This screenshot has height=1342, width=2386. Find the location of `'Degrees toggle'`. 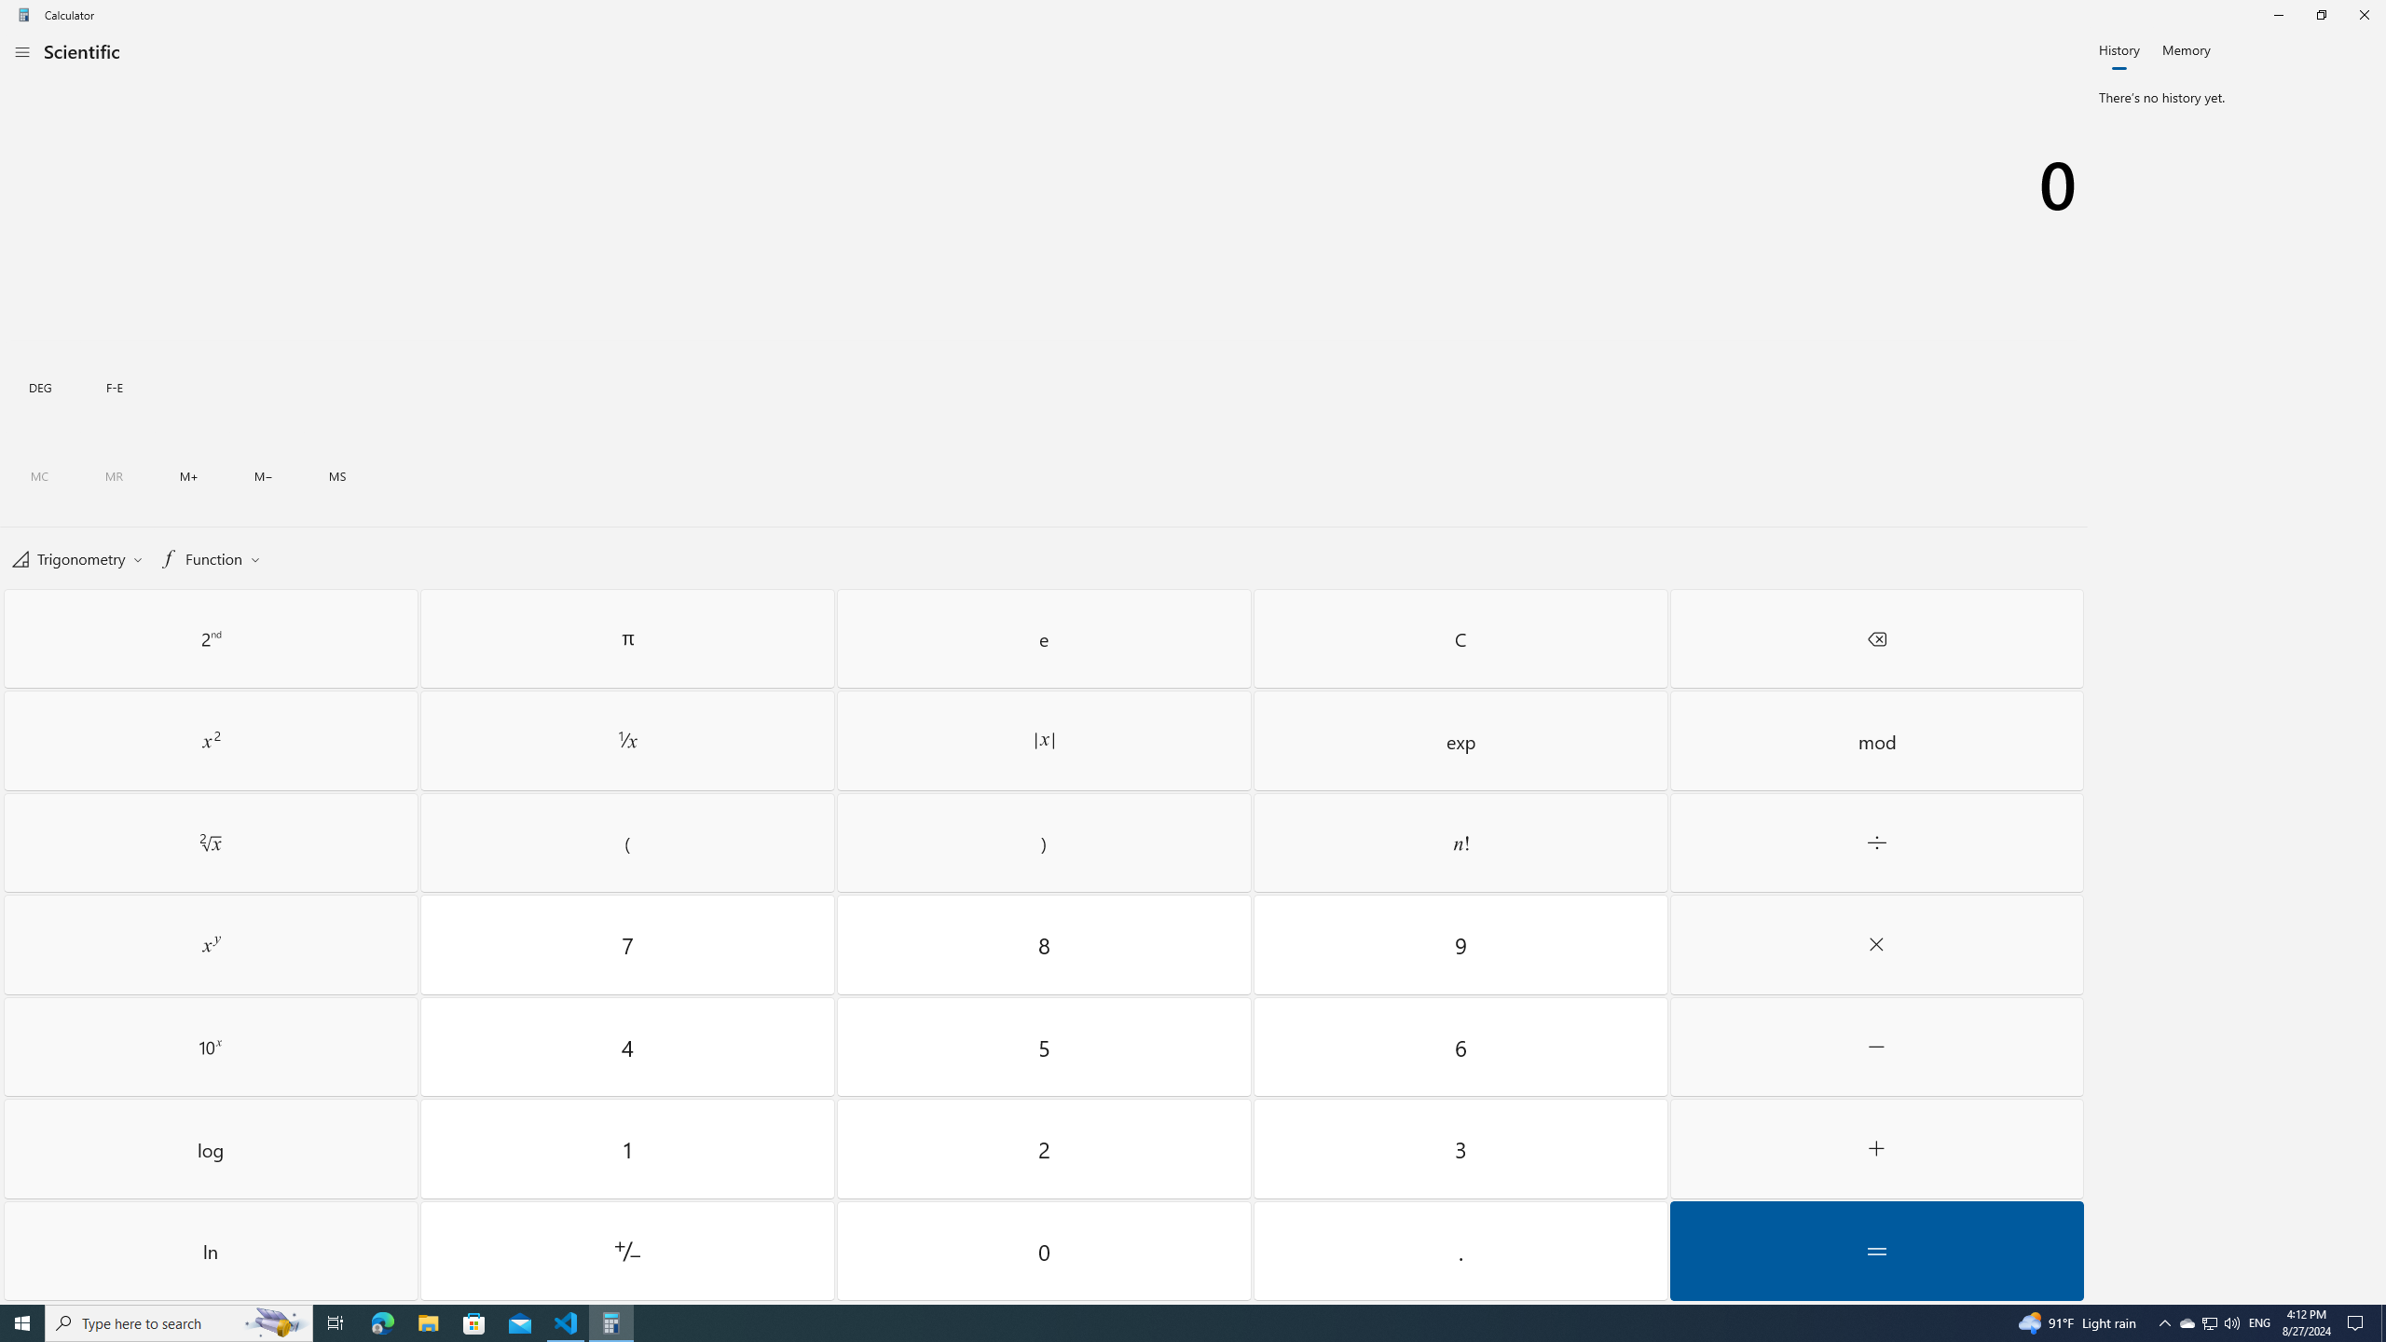

'Degrees toggle' is located at coordinates (39, 385).